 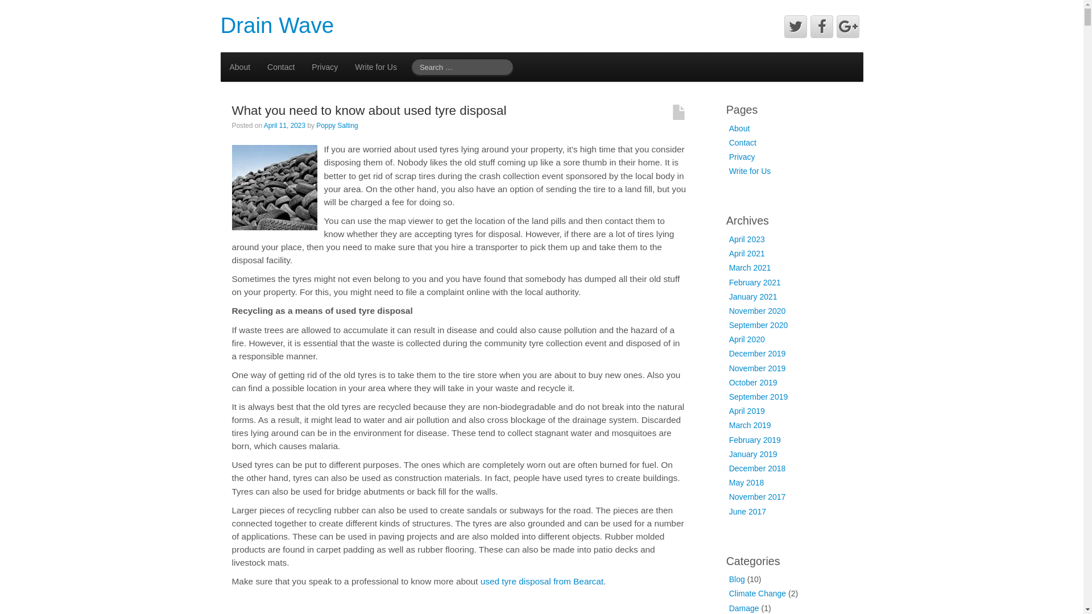 What do you see at coordinates (729, 579) in the screenshot?
I see `'Blog'` at bounding box center [729, 579].